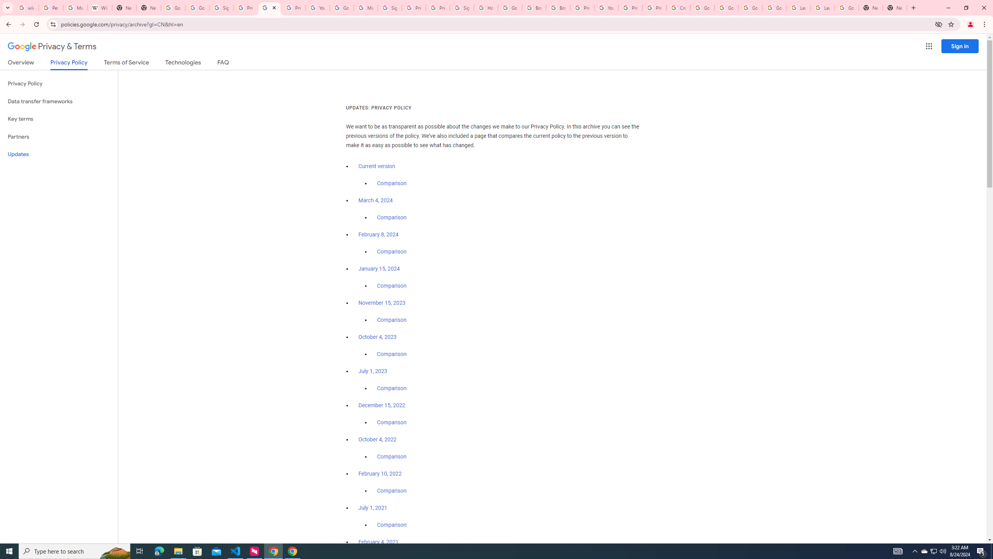 Image resolution: width=993 pixels, height=559 pixels. Describe the element at coordinates (380, 473) in the screenshot. I see `'February 10, 2022'` at that location.